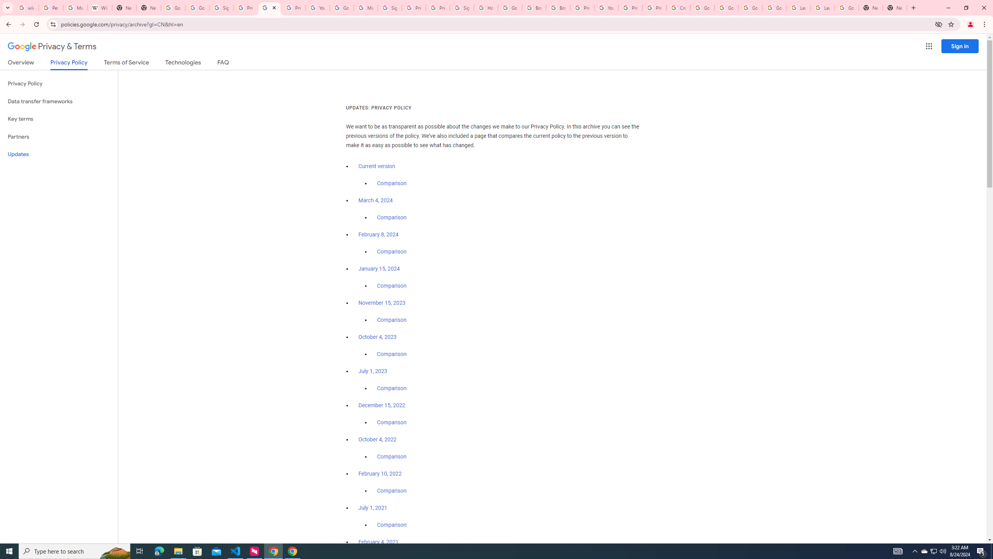 Image resolution: width=993 pixels, height=559 pixels. Describe the element at coordinates (380, 473) in the screenshot. I see `'February 10, 2022'` at that location.